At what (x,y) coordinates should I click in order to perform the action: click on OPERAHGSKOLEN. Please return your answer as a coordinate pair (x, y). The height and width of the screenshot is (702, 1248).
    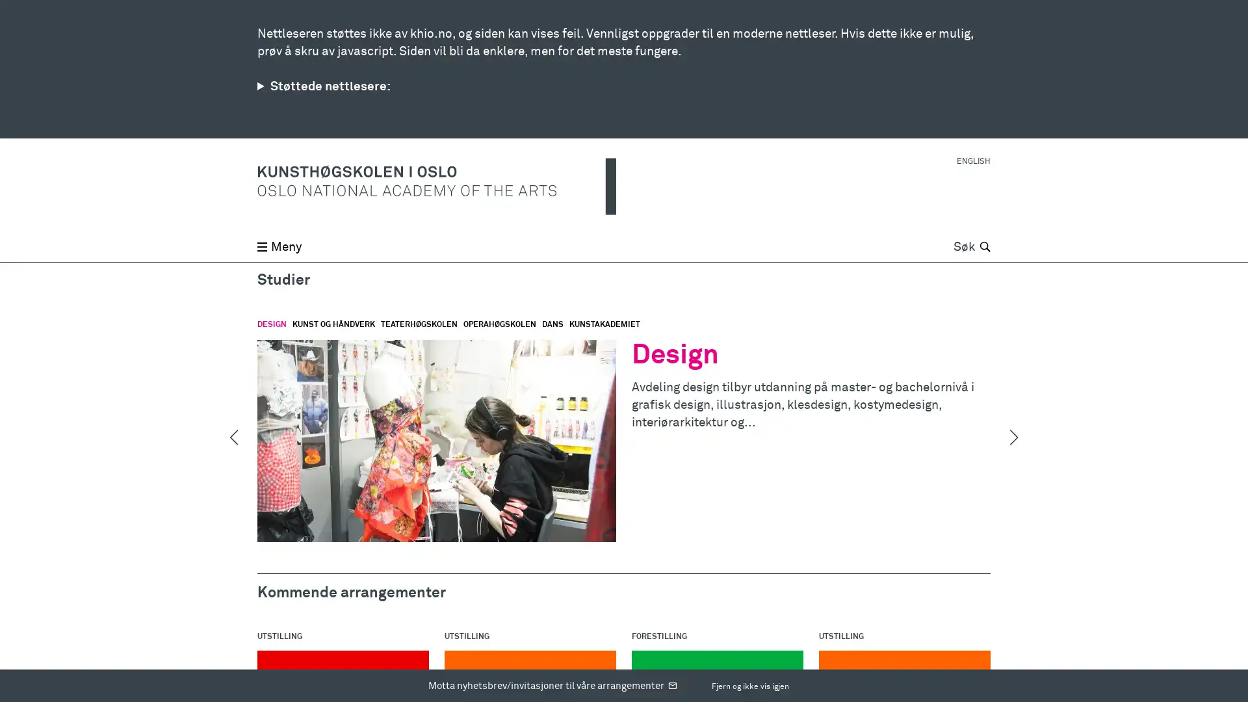
    Looking at the image, I should click on (499, 325).